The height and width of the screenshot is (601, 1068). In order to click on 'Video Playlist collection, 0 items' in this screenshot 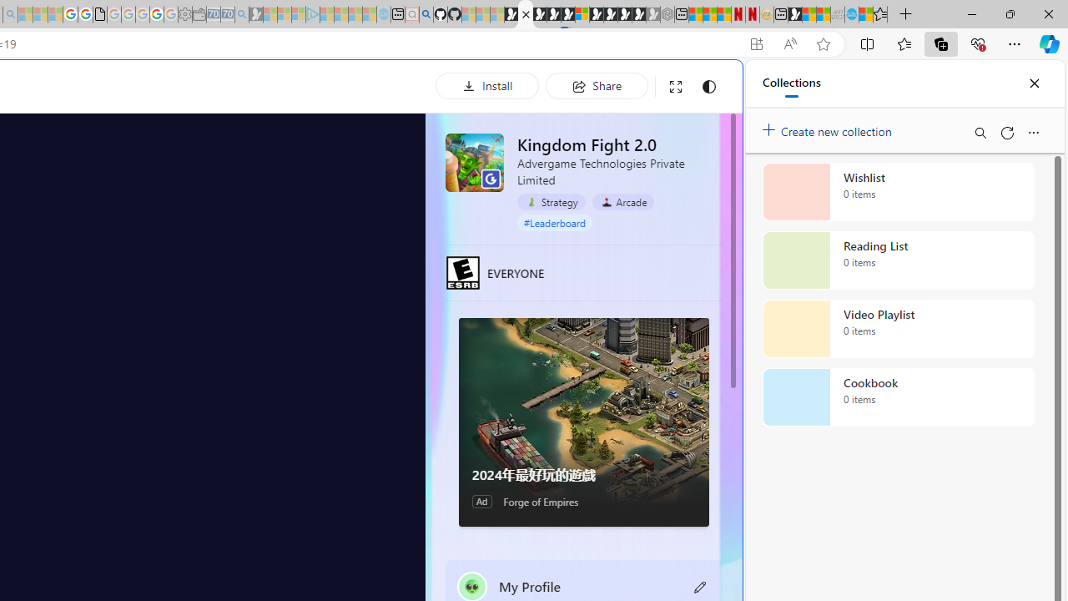, I will do `click(898, 329)`.